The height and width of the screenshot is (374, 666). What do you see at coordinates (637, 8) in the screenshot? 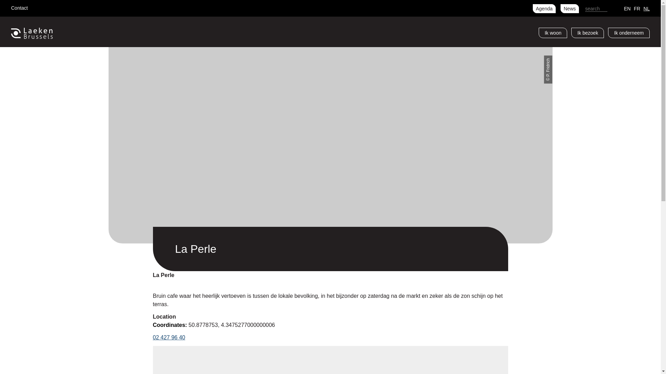
I see `'FR'` at bounding box center [637, 8].